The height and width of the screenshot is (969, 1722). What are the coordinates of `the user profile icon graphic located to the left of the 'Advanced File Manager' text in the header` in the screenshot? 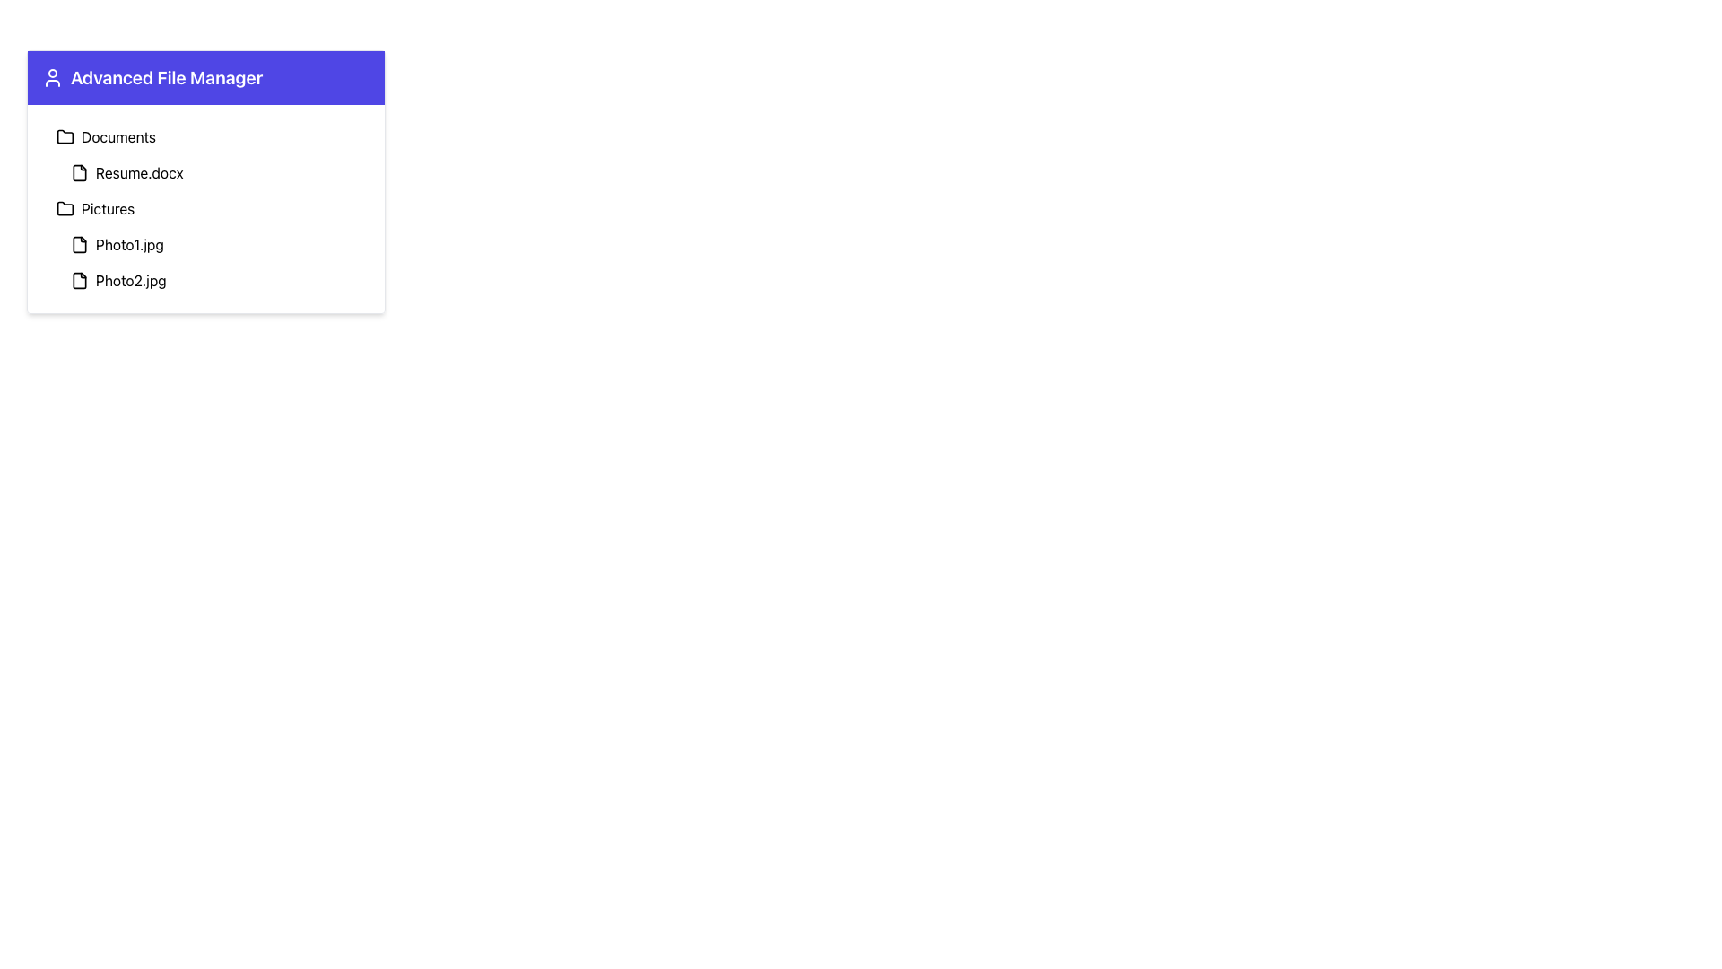 It's located at (52, 77).